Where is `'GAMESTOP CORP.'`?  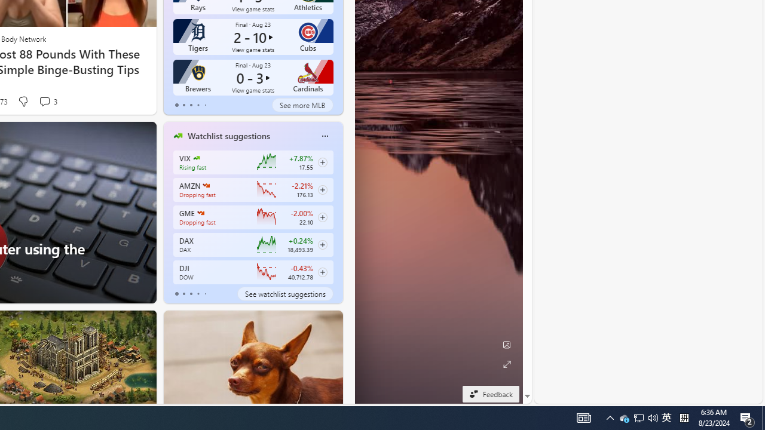 'GAMESTOP CORP.' is located at coordinates (200, 213).